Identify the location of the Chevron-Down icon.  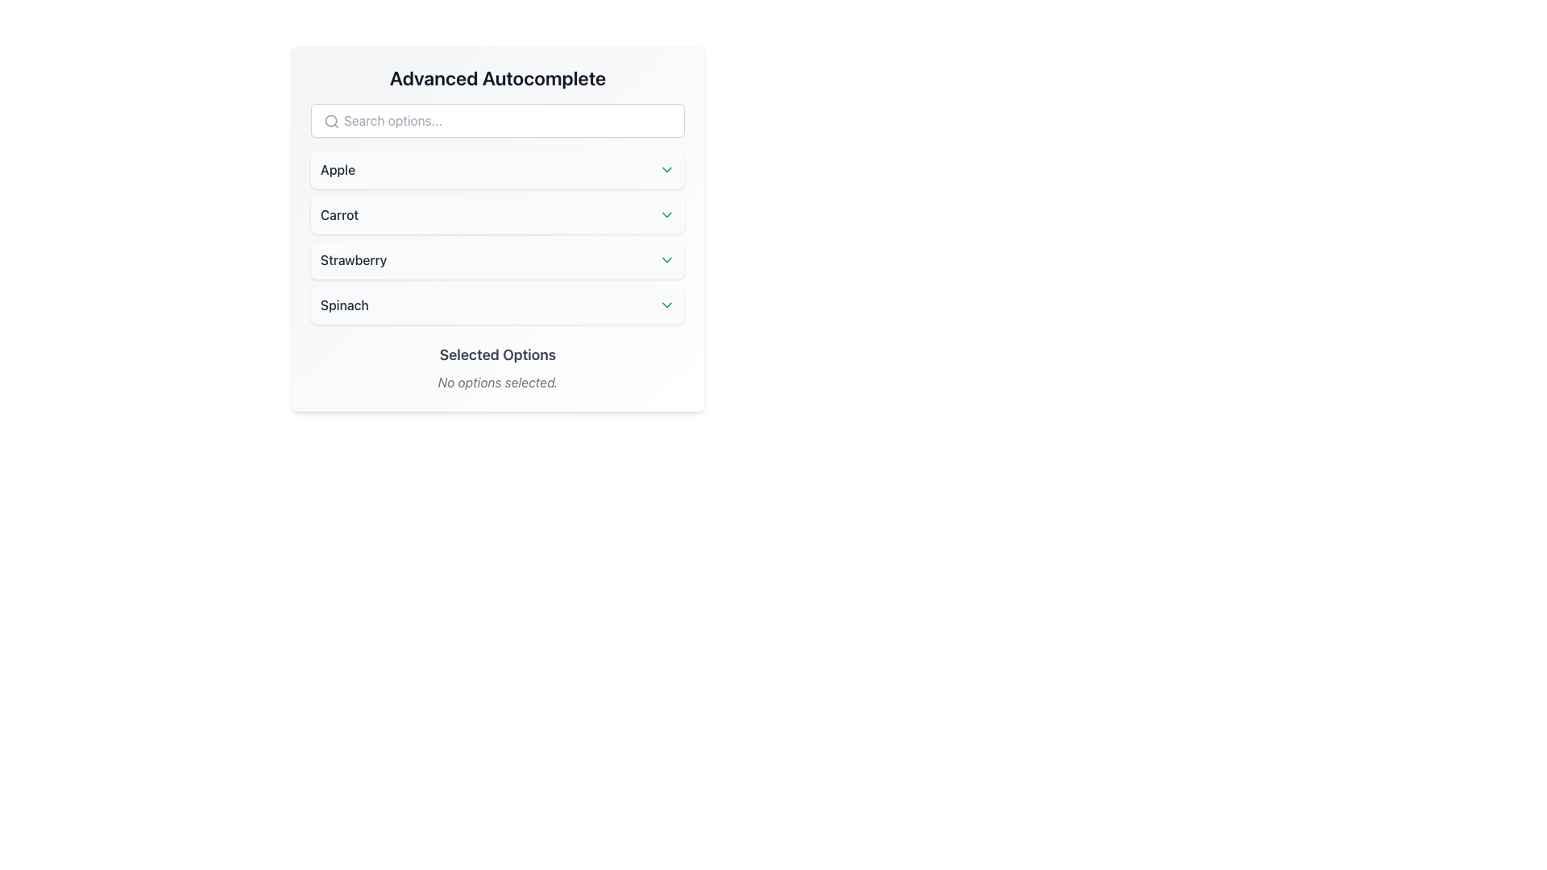
(667, 259).